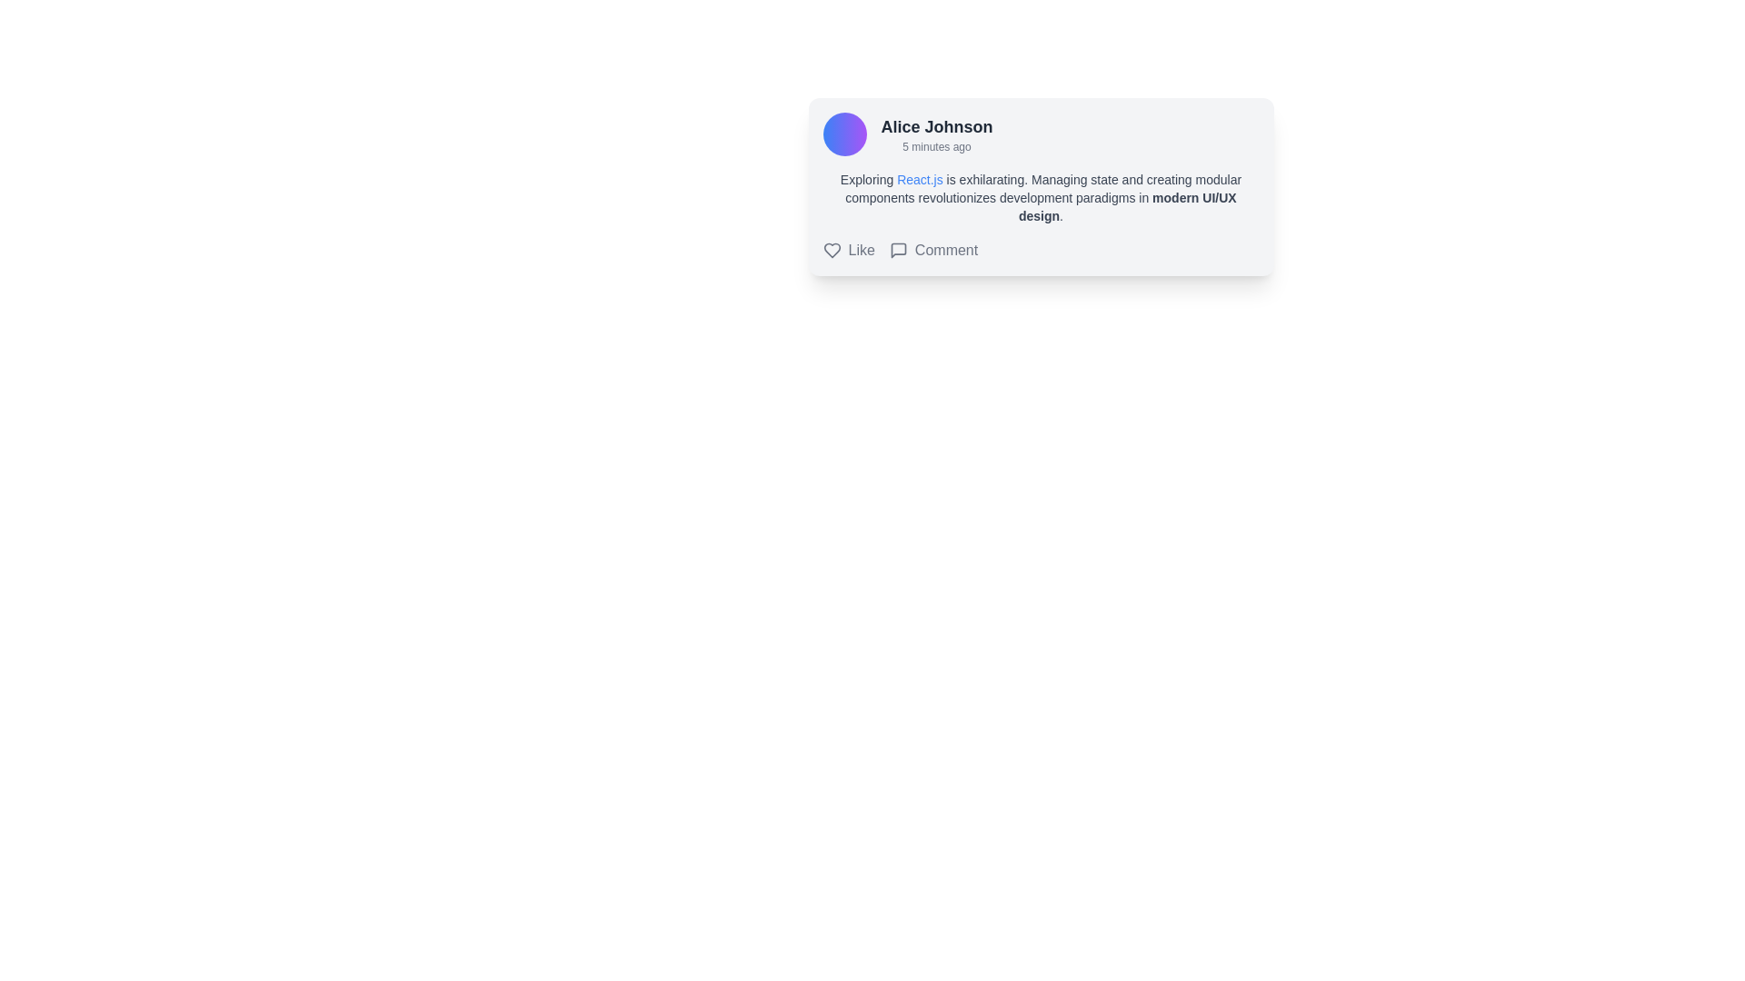 The height and width of the screenshot is (981, 1745). I want to click on the 'Like' button, which features a heart-shaped icon and the word 'Like' in gray, positioned to the left of the 'Comment' element below a user post, so click(848, 251).